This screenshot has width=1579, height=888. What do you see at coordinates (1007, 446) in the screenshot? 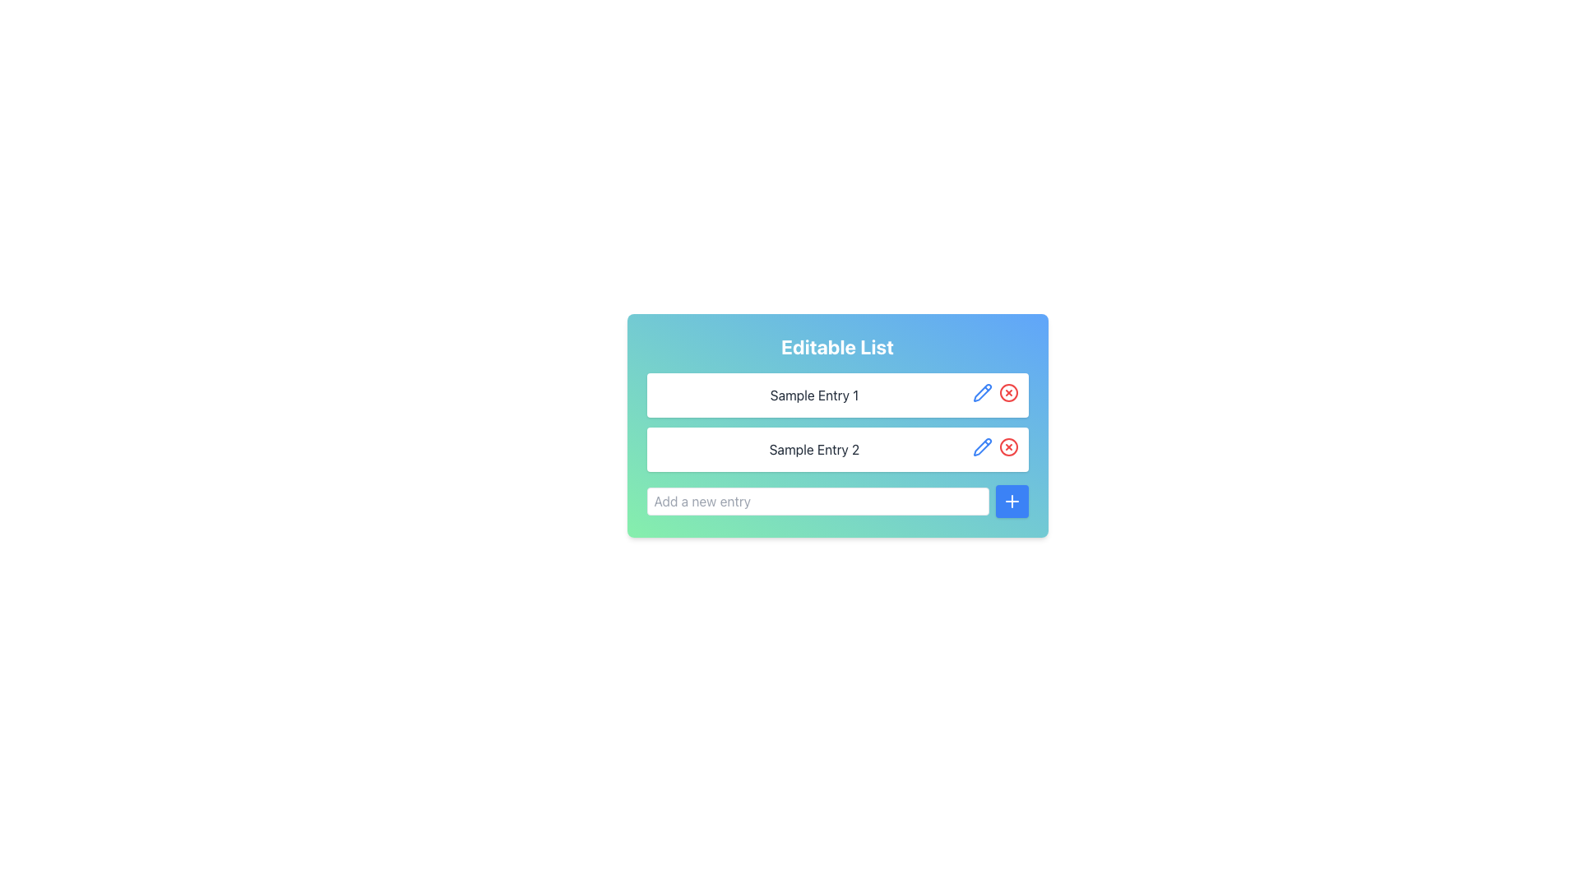
I see `the delete button located as the second icon in the row of controls adjacent to the 'Sample Entry 2' input field` at bounding box center [1007, 446].